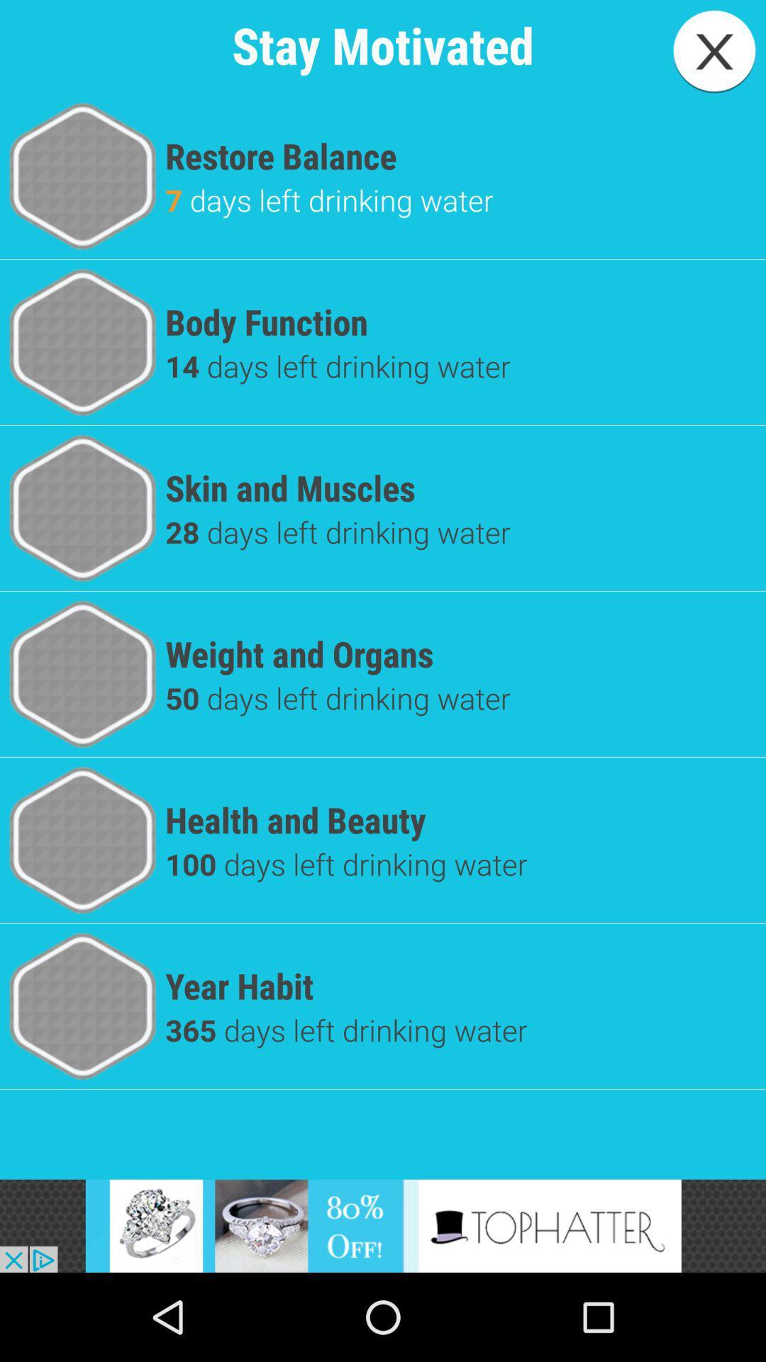 This screenshot has height=1362, width=766. I want to click on more information about an advertisement, so click(383, 1225).